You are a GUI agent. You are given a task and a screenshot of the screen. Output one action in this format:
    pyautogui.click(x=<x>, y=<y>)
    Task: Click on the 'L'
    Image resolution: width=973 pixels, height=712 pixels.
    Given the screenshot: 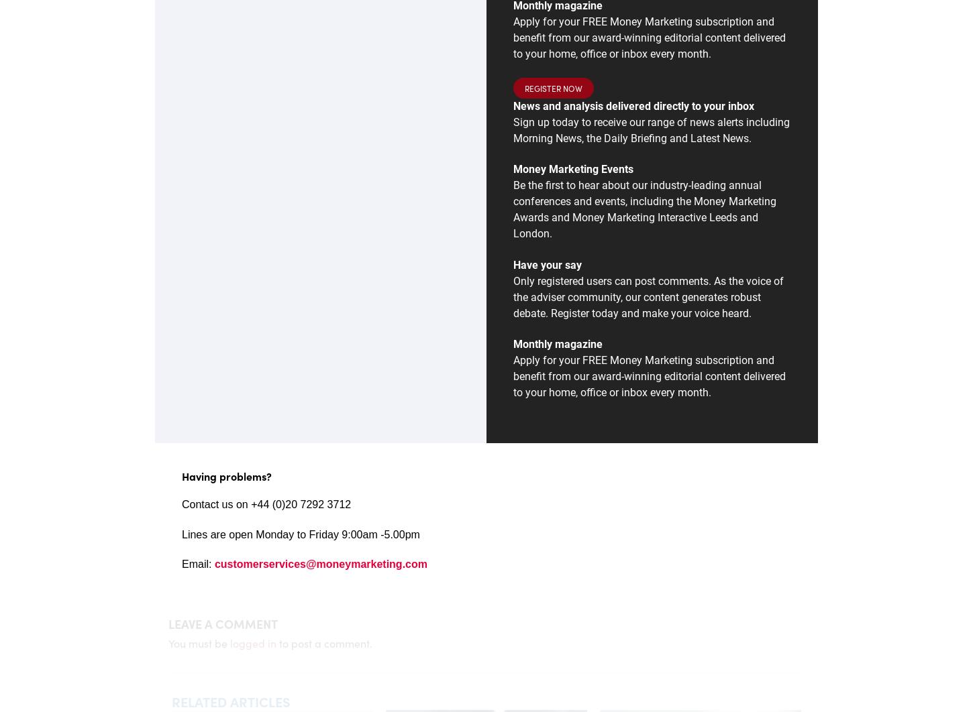 What is the action you would take?
    pyautogui.click(x=182, y=534)
    